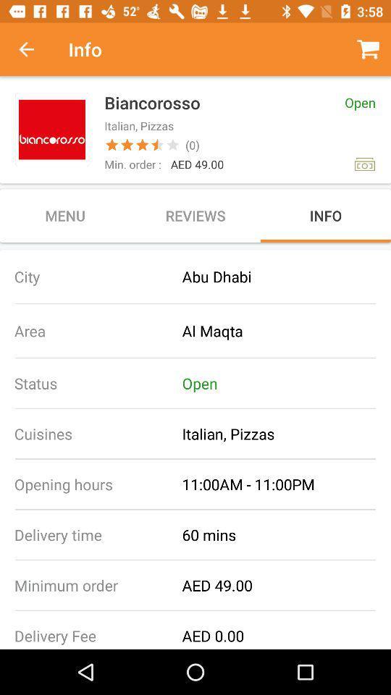 The width and height of the screenshot is (391, 695). What do you see at coordinates (34, 49) in the screenshot?
I see `icon to the left of info` at bounding box center [34, 49].